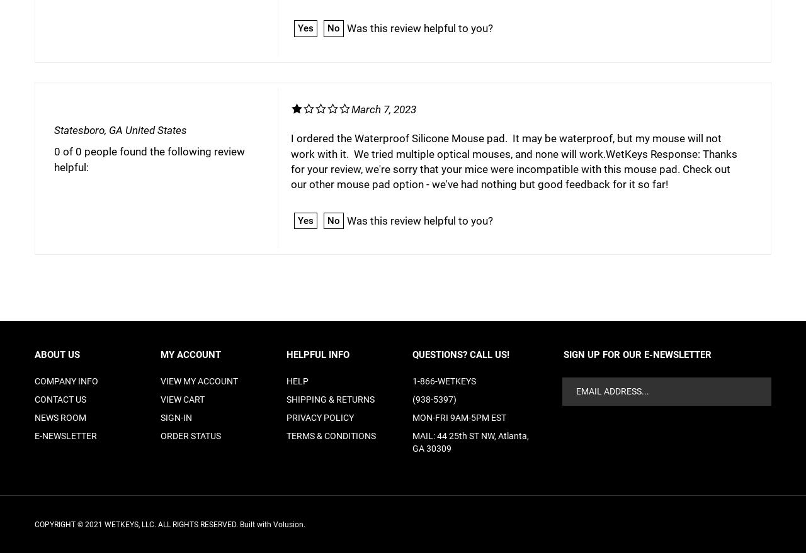 The height and width of the screenshot is (553, 806). I want to click on 'SIGN-IN', so click(176, 416).